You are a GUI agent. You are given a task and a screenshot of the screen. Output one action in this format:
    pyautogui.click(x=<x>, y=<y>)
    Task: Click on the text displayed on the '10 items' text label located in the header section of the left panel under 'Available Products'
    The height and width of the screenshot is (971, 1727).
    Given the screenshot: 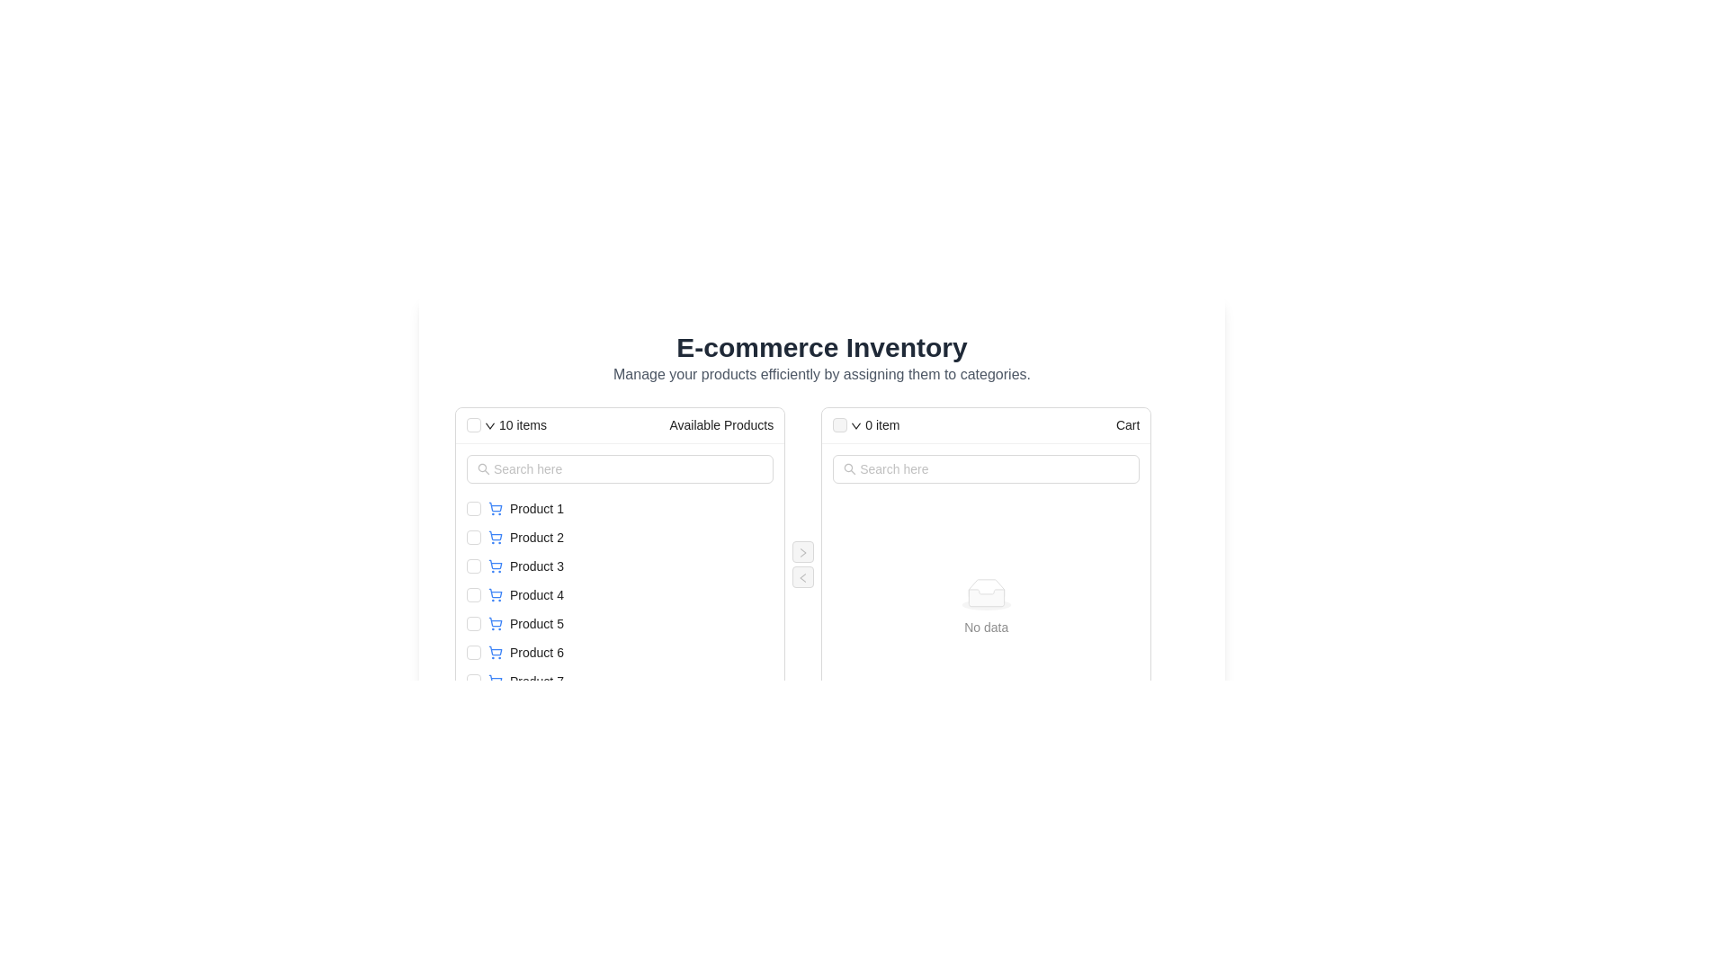 What is the action you would take?
    pyautogui.click(x=522, y=425)
    